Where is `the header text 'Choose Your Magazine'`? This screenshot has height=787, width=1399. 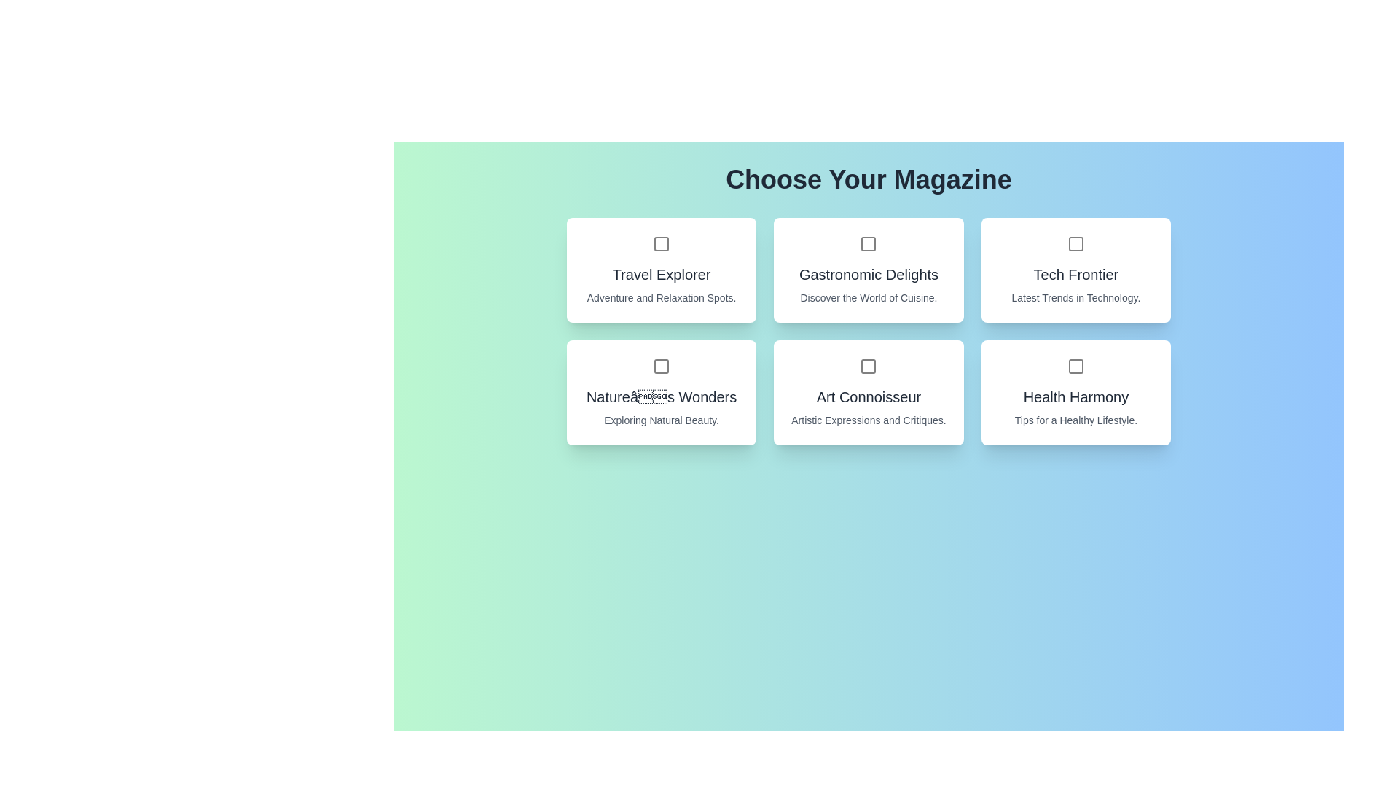
the header text 'Choose Your Magazine' is located at coordinates (869, 179).